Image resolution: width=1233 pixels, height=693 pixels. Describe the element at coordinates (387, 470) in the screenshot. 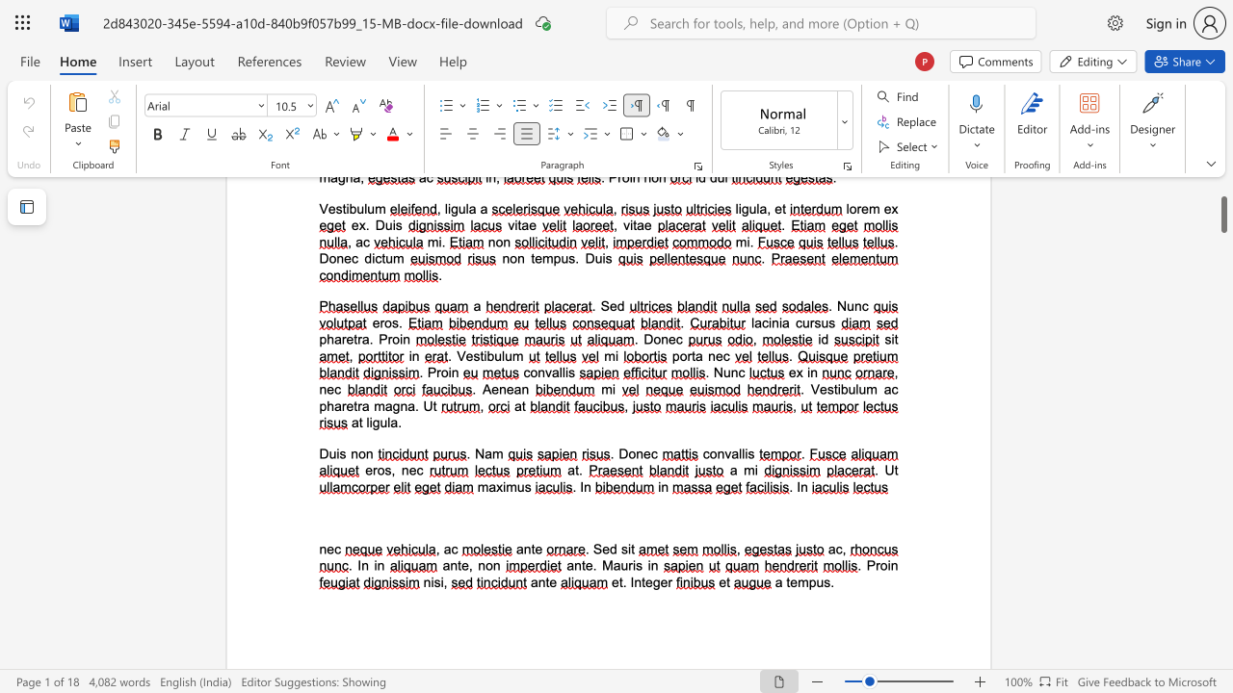

I see `the 1th character "s" in the text` at that location.